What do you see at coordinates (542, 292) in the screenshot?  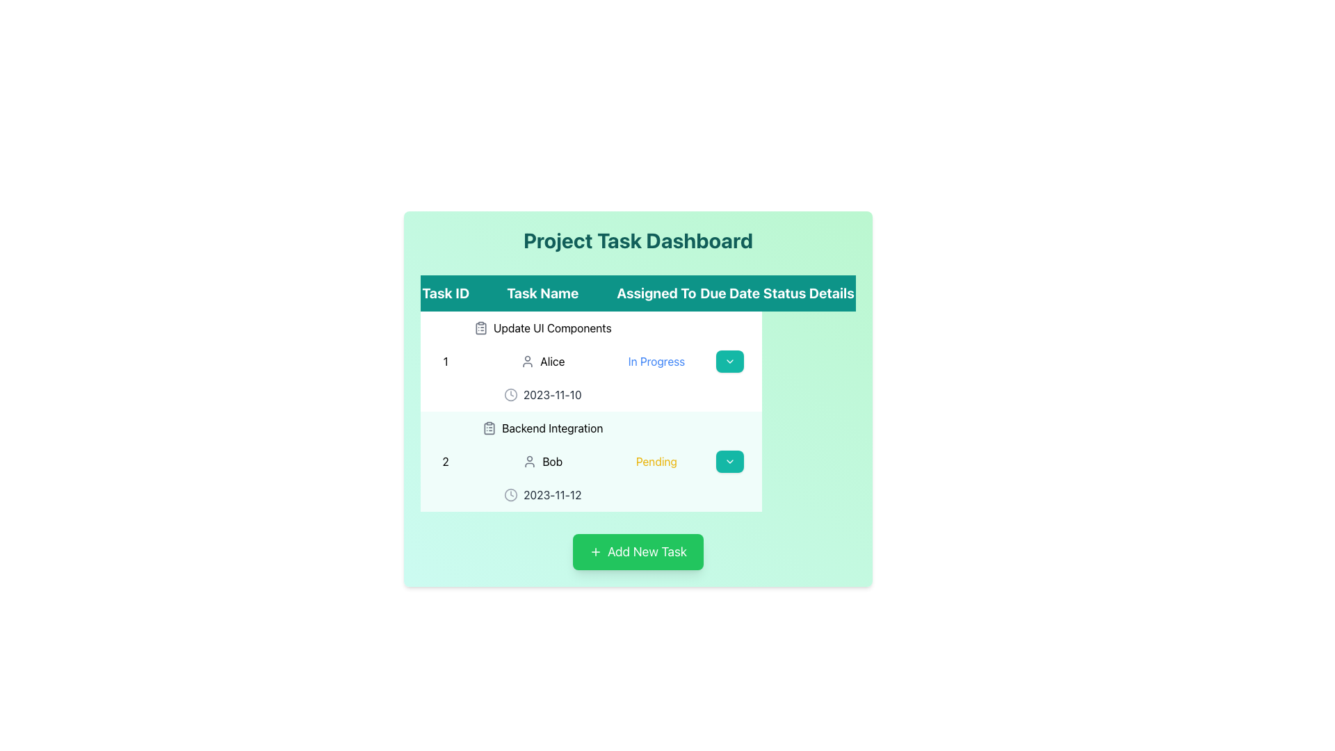 I see `the 'Task Name' text label, which is the second column header in a table-like layout, located between 'Task ID' and 'Assigned To', with a large, bold white font on a teal background` at bounding box center [542, 292].